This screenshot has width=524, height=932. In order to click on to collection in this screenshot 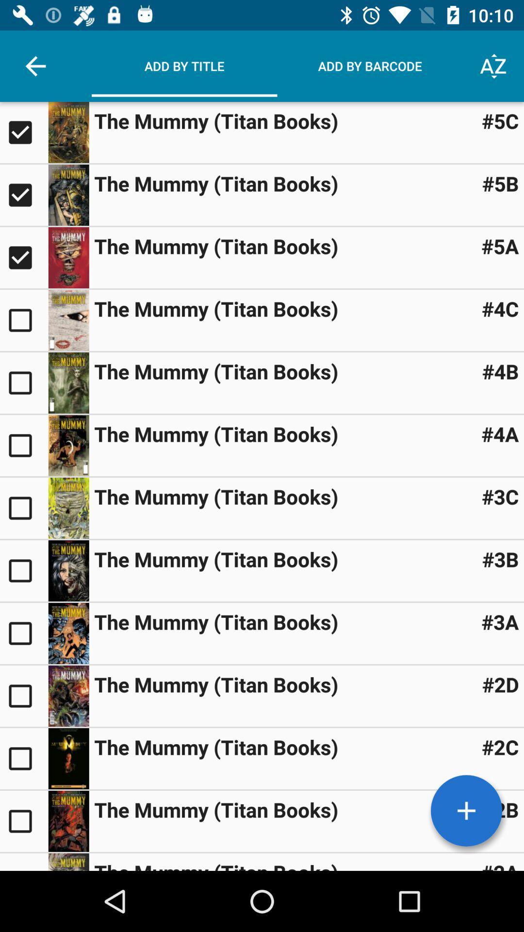, I will do `click(23, 758)`.